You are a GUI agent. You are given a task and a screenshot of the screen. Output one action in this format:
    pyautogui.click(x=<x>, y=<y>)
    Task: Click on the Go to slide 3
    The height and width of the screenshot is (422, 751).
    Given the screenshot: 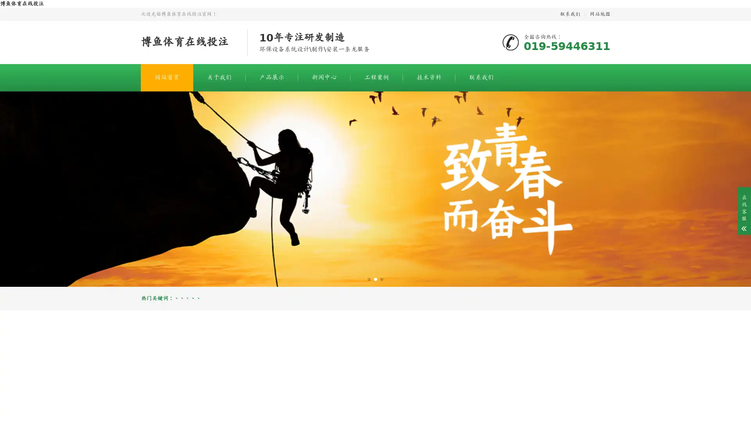 What is the action you would take?
    pyautogui.click(x=381, y=279)
    